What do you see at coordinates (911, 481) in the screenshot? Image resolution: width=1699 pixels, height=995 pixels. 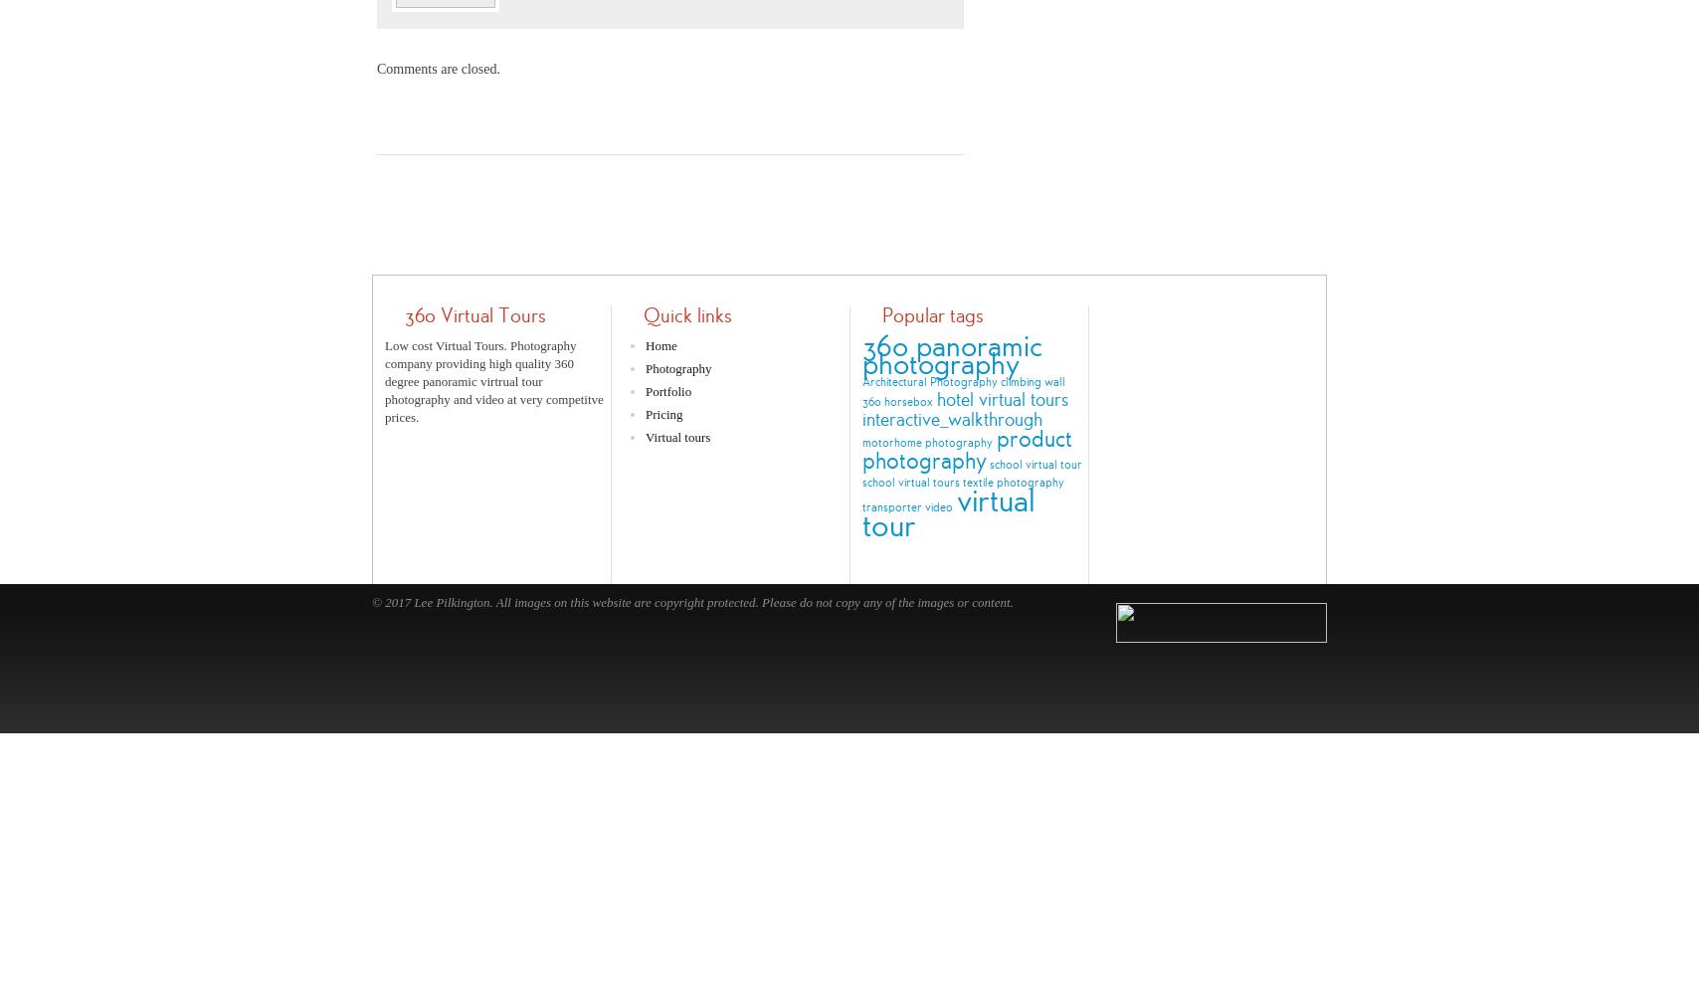 I see `'school virtual tours'` at bounding box center [911, 481].